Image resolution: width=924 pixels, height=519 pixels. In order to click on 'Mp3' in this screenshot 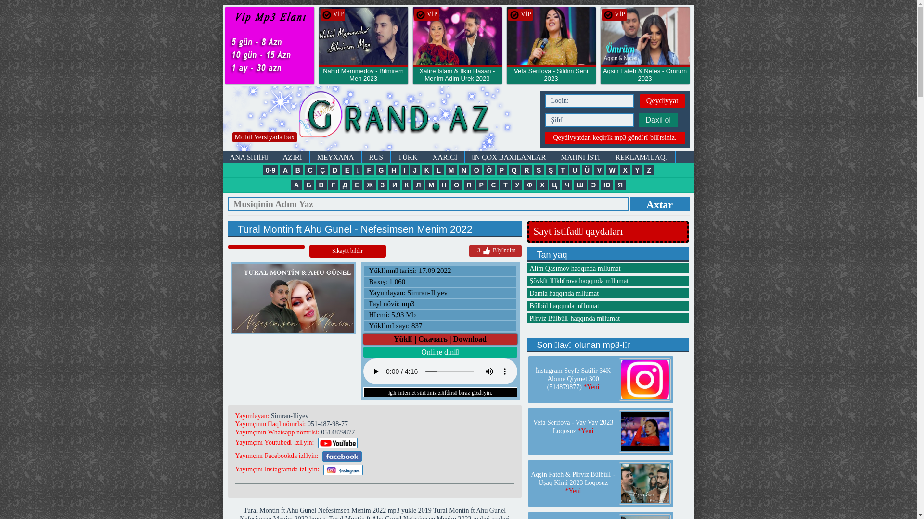, I will do `click(378, 118)`.